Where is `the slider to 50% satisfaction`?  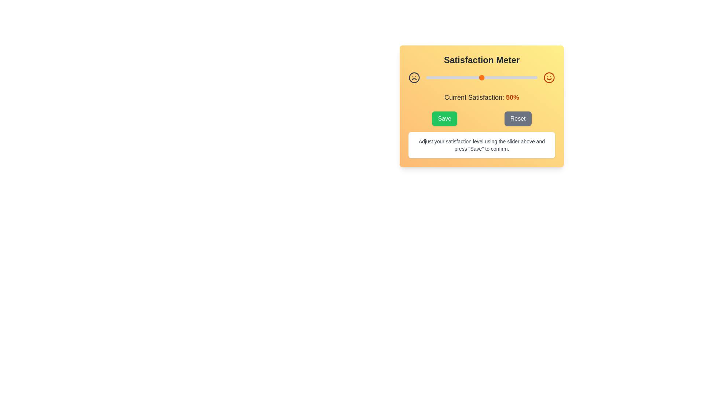 the slider to 50% satisfaction is located at coordinates (482, 78).